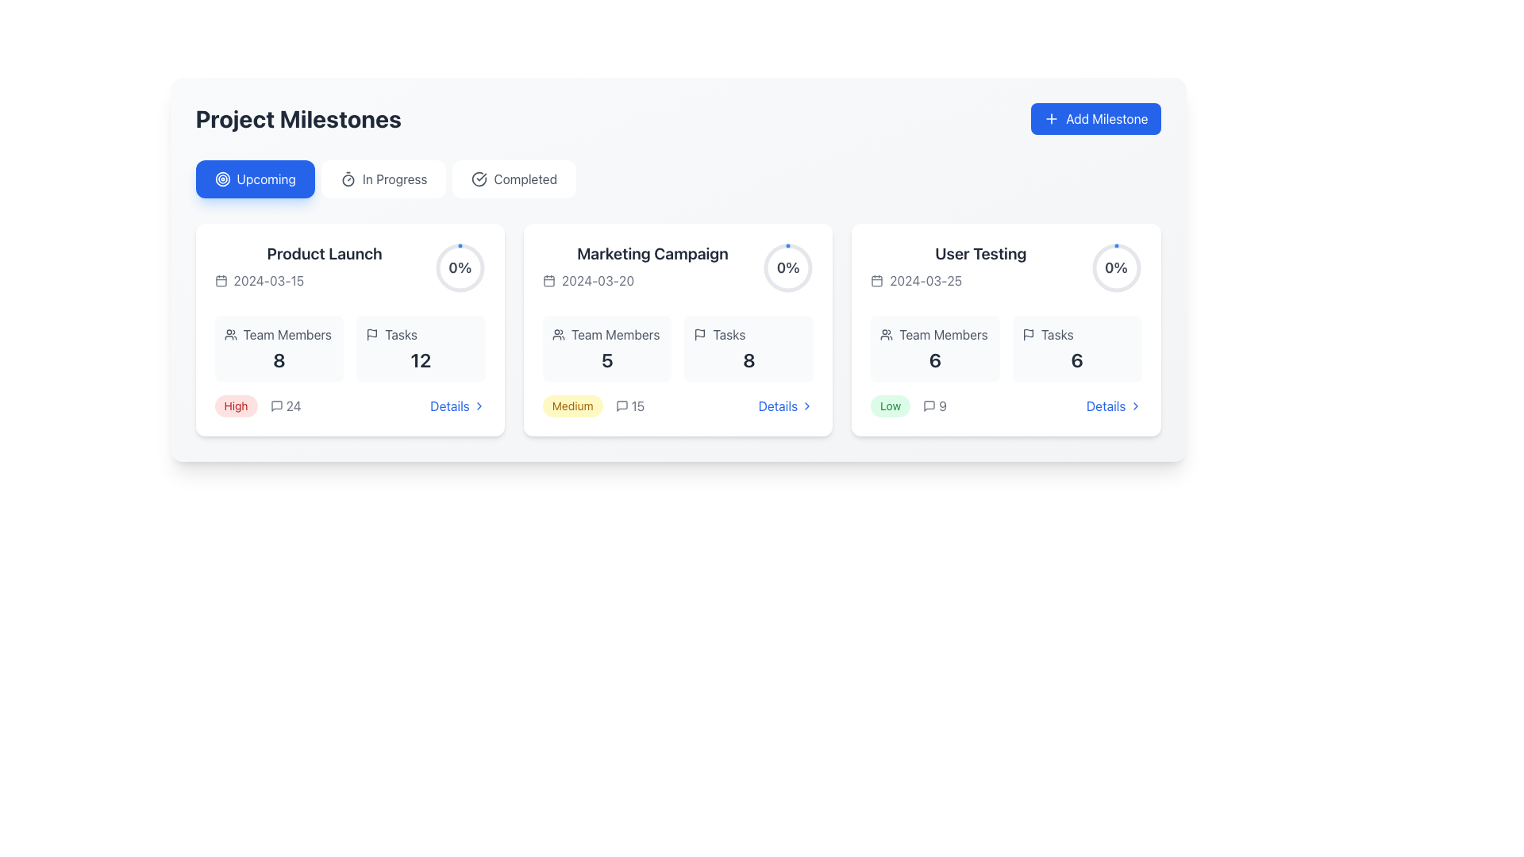 The height and width of the screenshot is (857, 1524). I want to click on the calendar icon located, so click(876, 280).